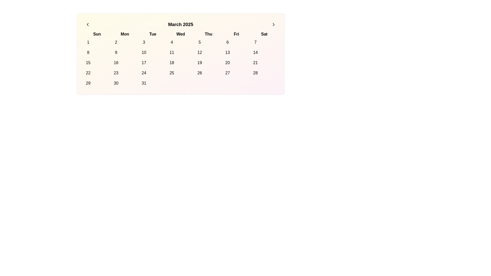 The image size is (491, 276). I want to click on the rounded button labeled '29' in the first column of the last row under the calendar view for March 2025, so click(88, 83).